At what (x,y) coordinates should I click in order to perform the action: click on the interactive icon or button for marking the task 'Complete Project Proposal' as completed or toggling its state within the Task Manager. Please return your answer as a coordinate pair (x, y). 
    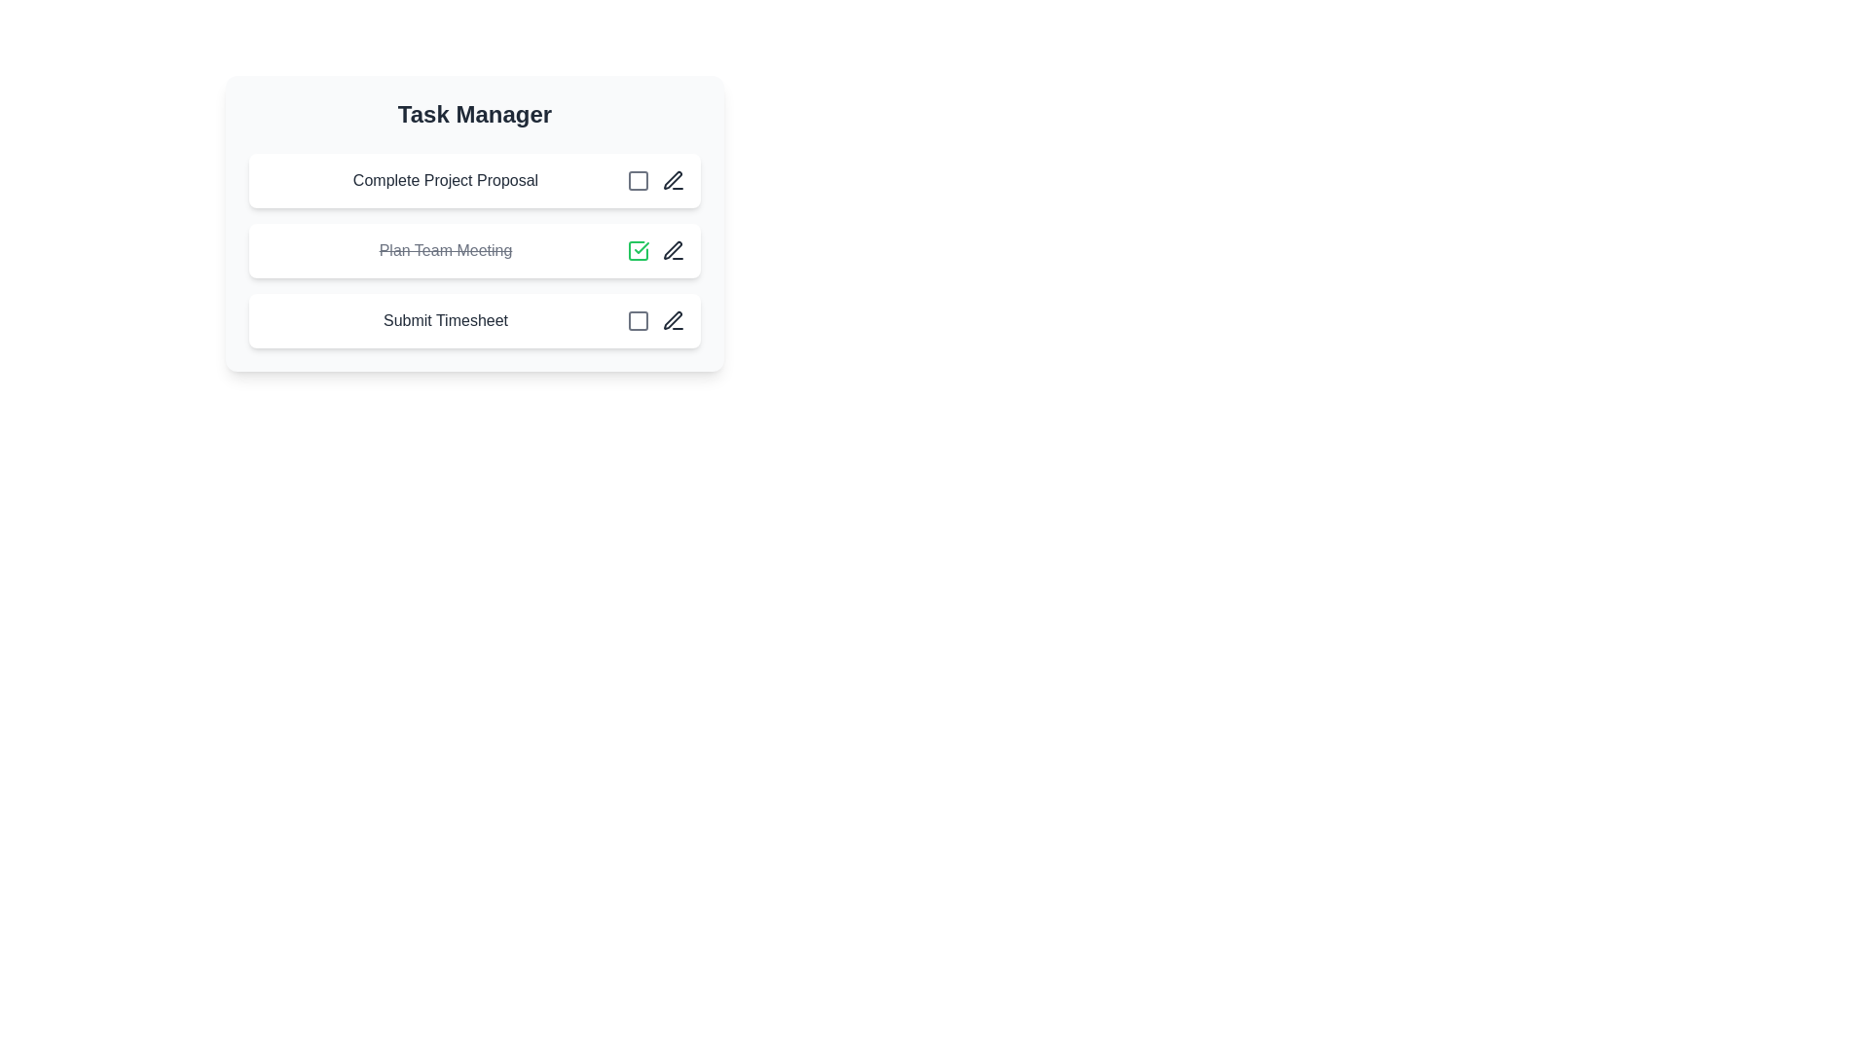
    Looking at the image, I should click on (639, 180).